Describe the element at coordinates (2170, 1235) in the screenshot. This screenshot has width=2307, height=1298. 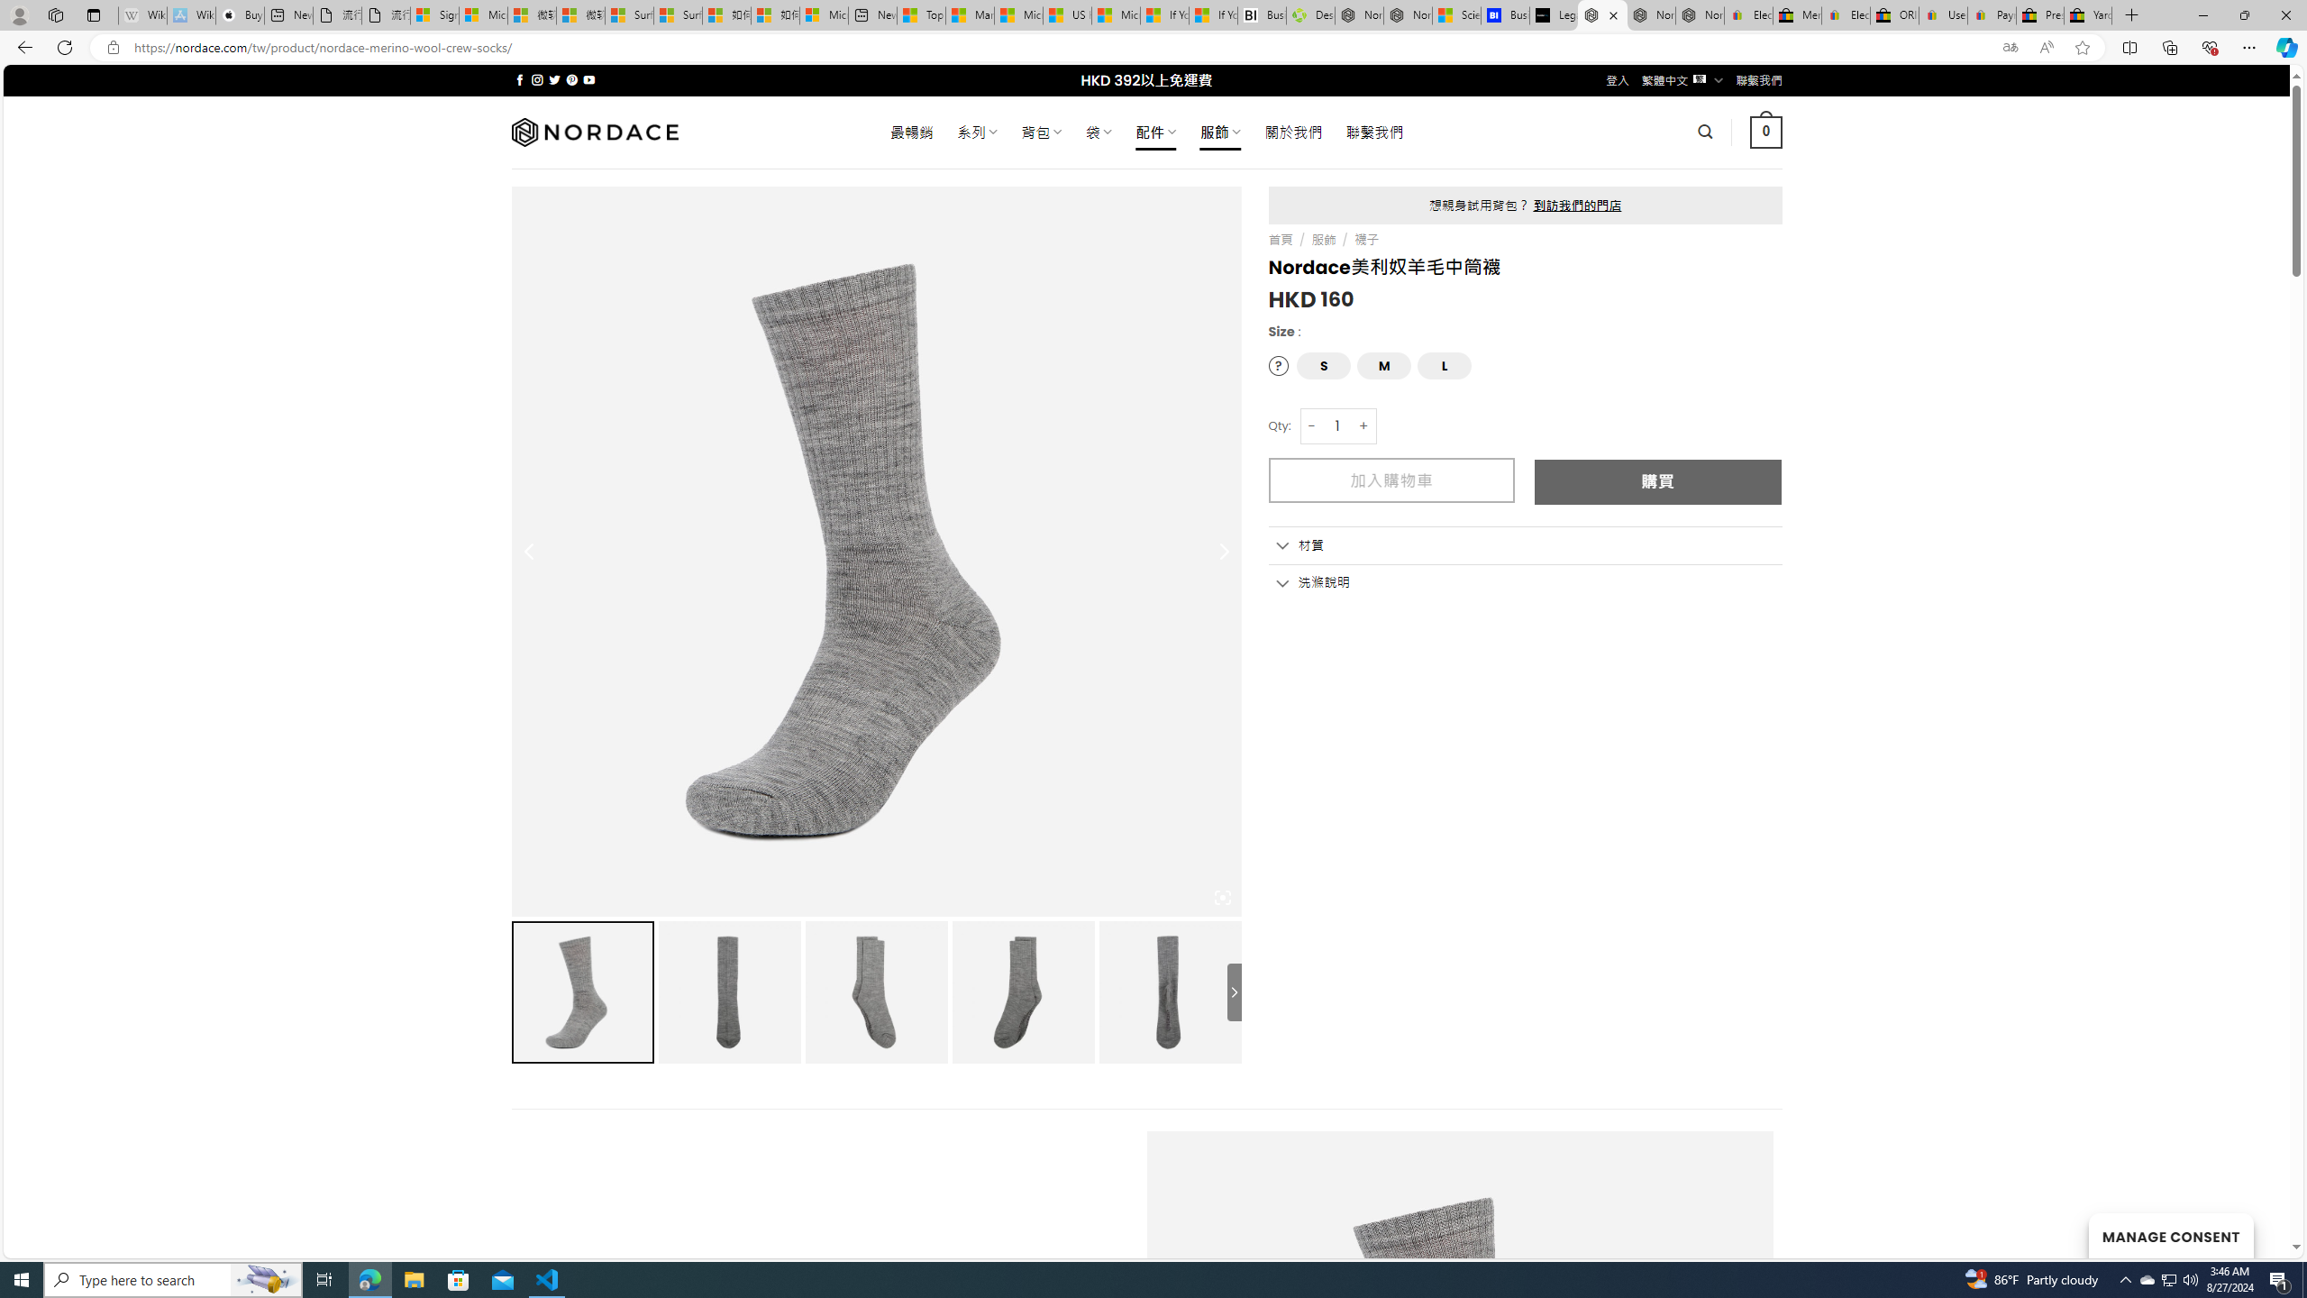
I see `'MANAGE CONSENT'` at that location.